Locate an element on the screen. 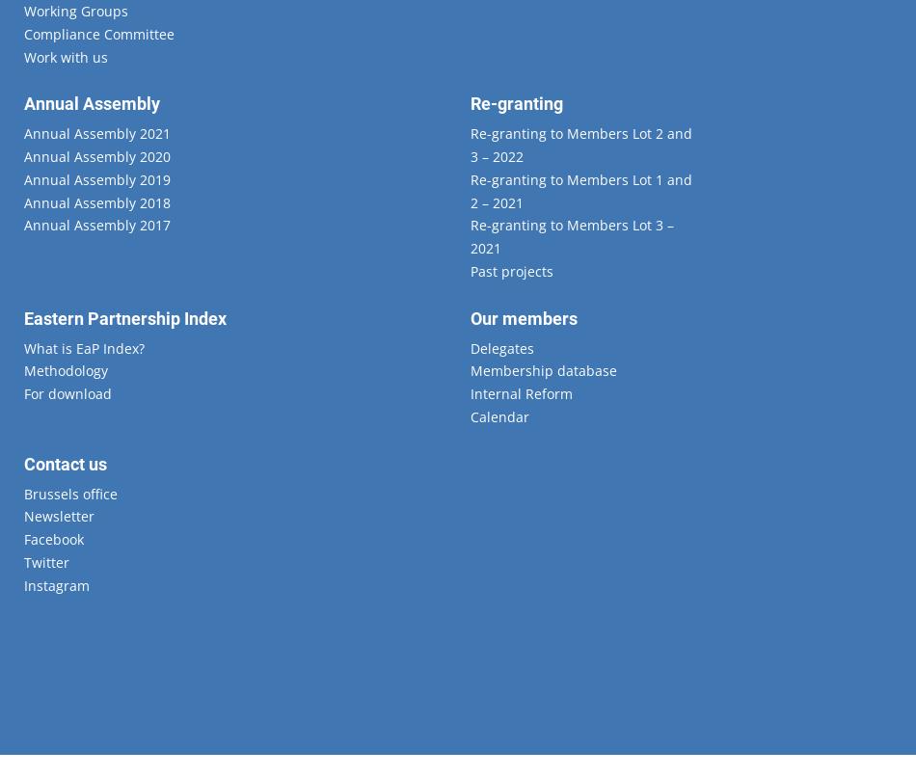  'Annual Assembly 2019' is located at coordinates (96, 178).